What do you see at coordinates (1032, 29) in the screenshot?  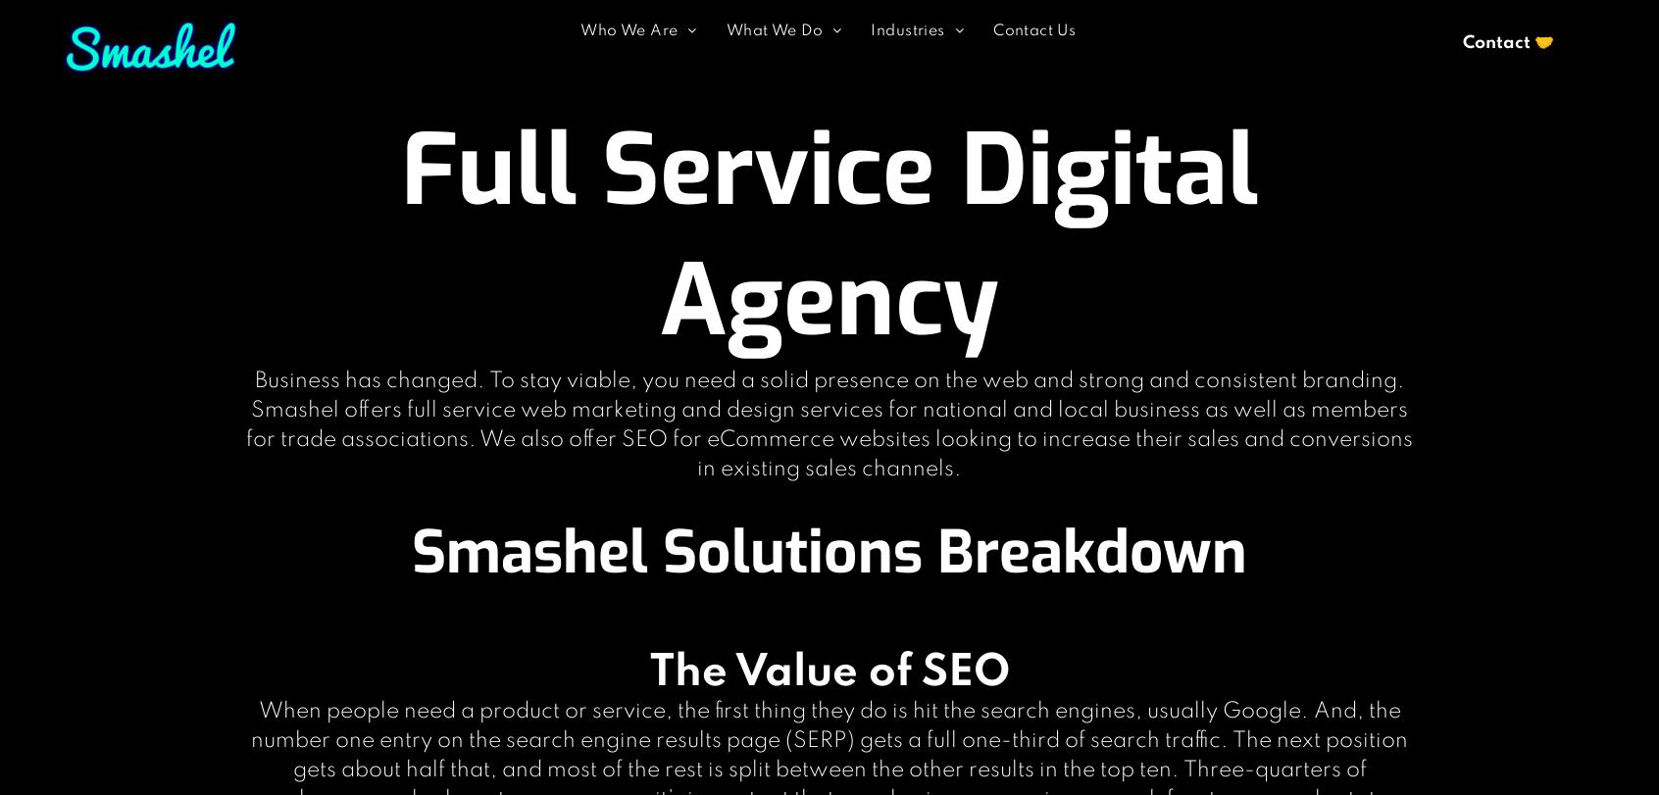 I see `'Contact Us'` at bounding box center [1032, 29].